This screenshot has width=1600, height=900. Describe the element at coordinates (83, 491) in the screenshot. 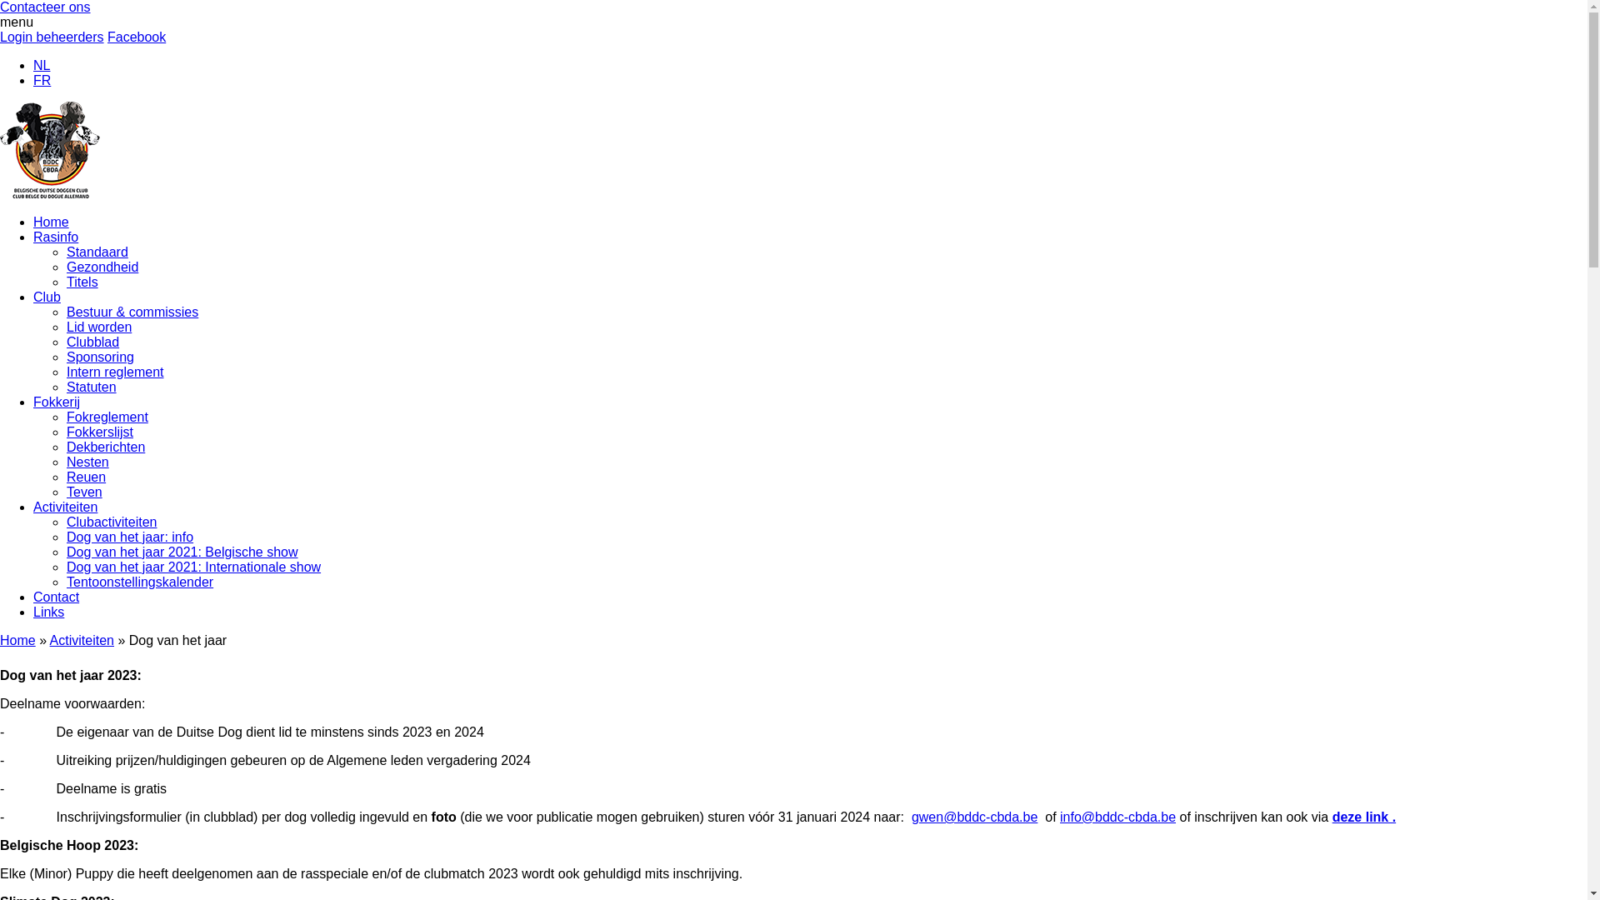

I see `'Teven'` at that location.